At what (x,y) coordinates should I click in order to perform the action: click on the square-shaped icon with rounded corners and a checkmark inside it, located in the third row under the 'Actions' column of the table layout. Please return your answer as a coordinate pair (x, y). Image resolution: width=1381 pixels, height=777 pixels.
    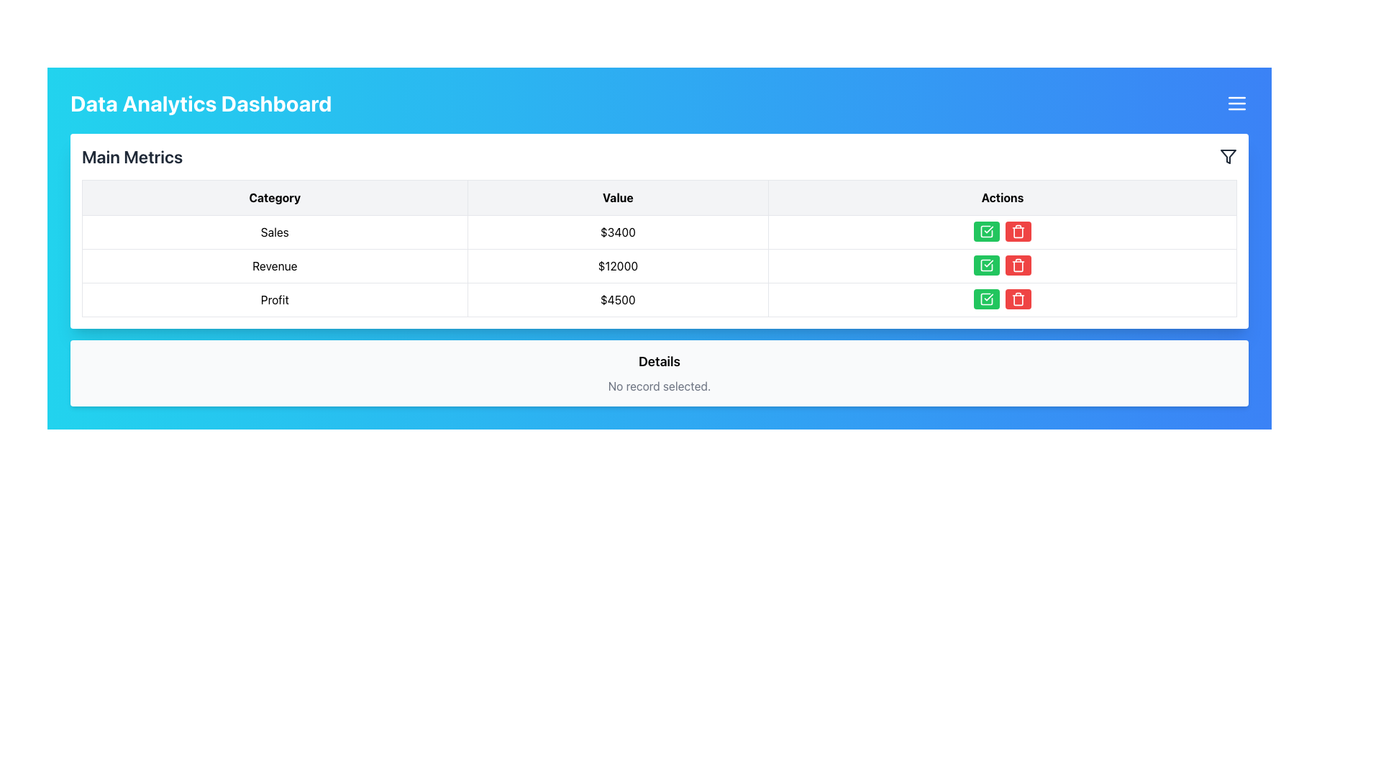
    Looking at the image, I should click on (986, 265).